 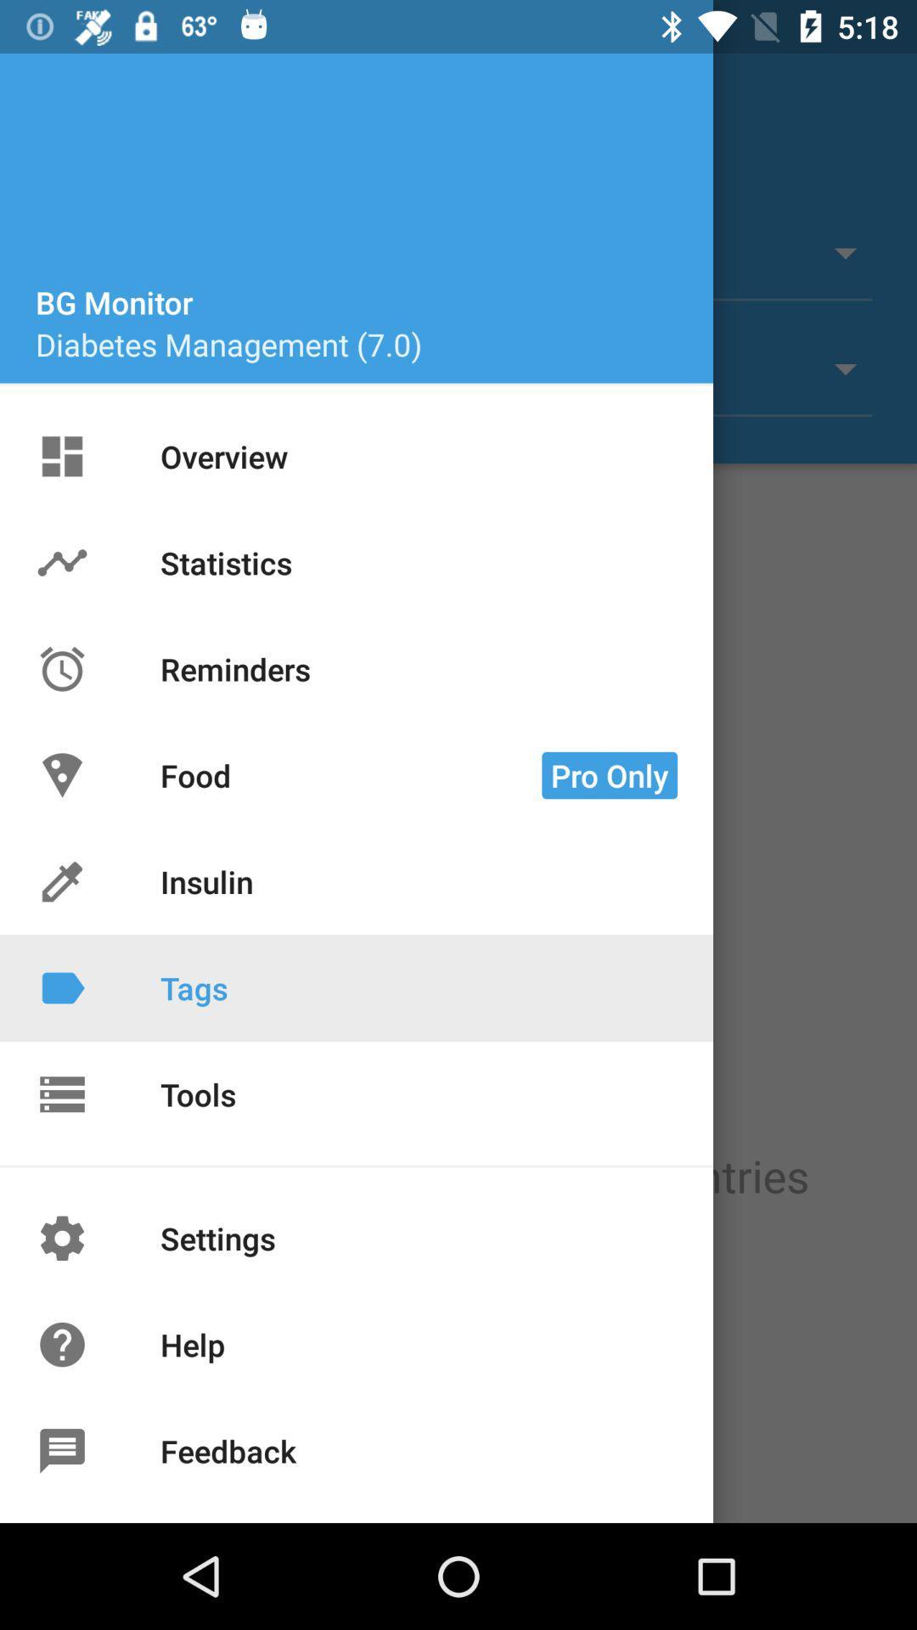 What do you see at coordinates (82, 464) in the screenshot?
I see `the dashboard icon` at bounding box center [82, 464].